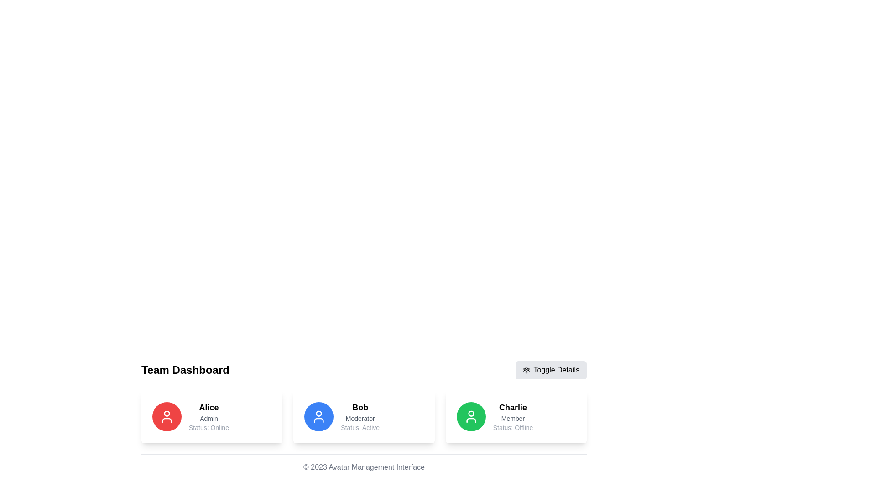 This screenshot has height=493, width=876. I want to click on the user avatar icon representing 'Charlie', which is a circular icon with a green background and white foreground, positioned as the third card in the bottom section of the interface, so click(471, 417).